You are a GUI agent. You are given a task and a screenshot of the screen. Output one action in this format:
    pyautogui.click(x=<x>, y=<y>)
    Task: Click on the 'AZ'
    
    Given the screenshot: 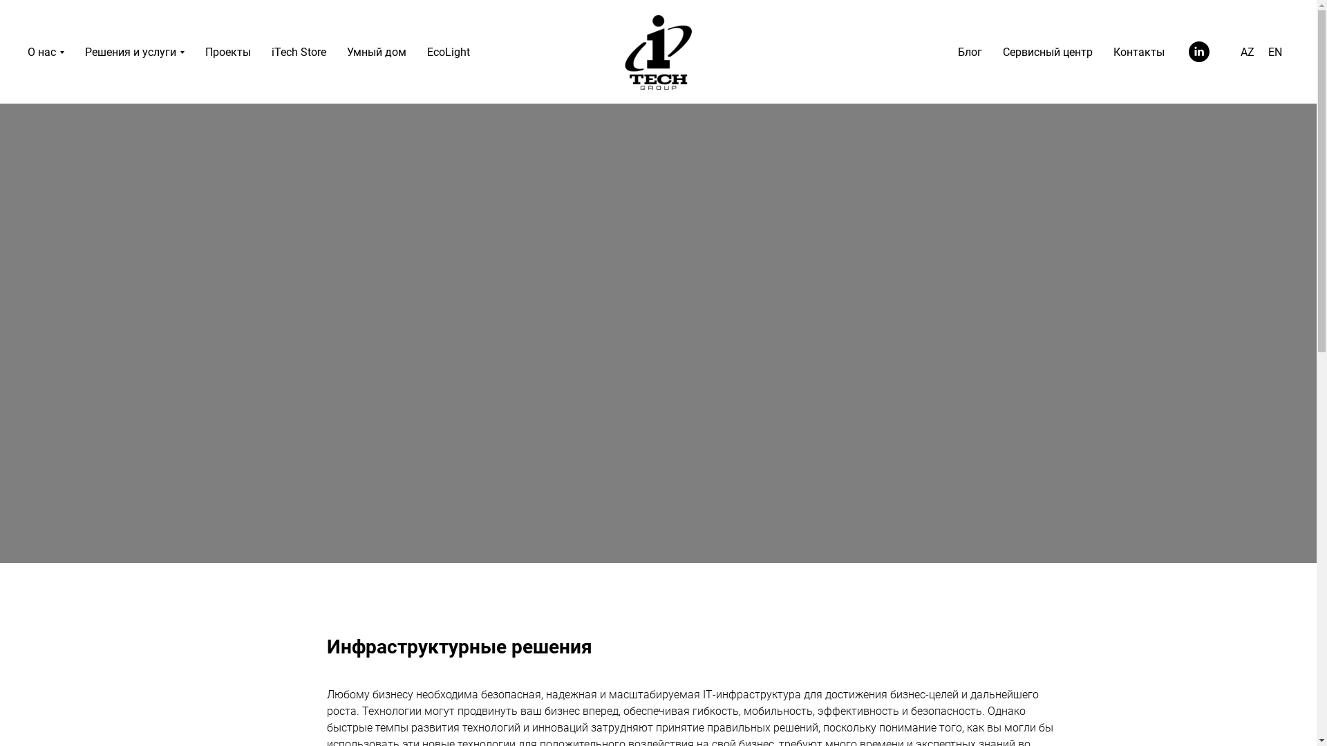 What is the action you would take?
    pyautogui.click(x=1247, y=51)
    